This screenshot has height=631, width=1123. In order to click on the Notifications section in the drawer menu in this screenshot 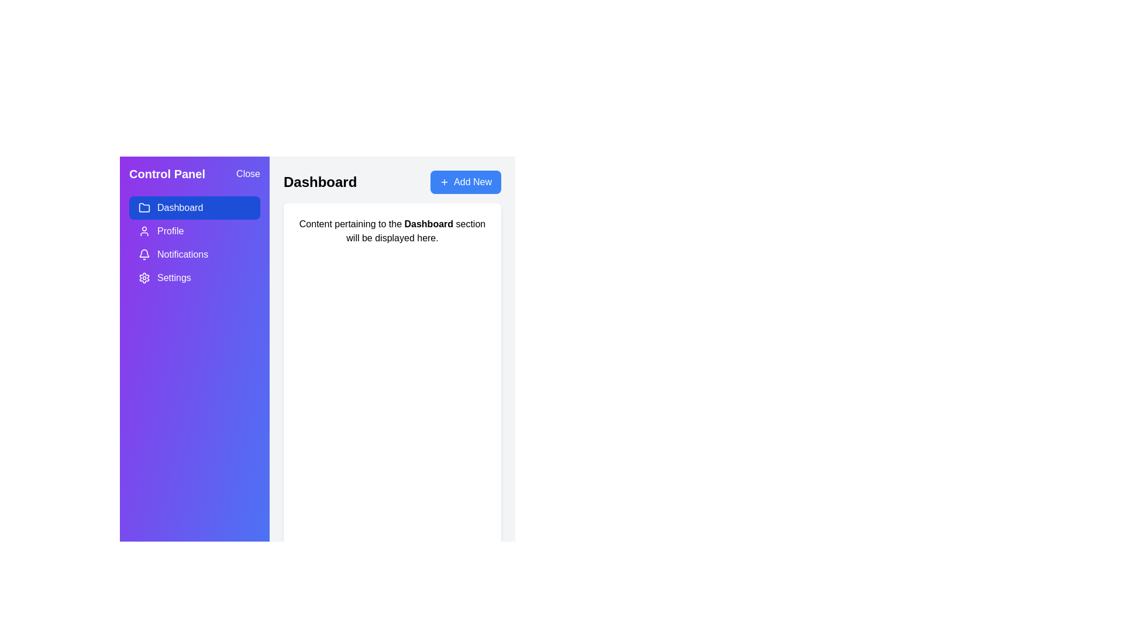, I will do `click(194, 254)`.